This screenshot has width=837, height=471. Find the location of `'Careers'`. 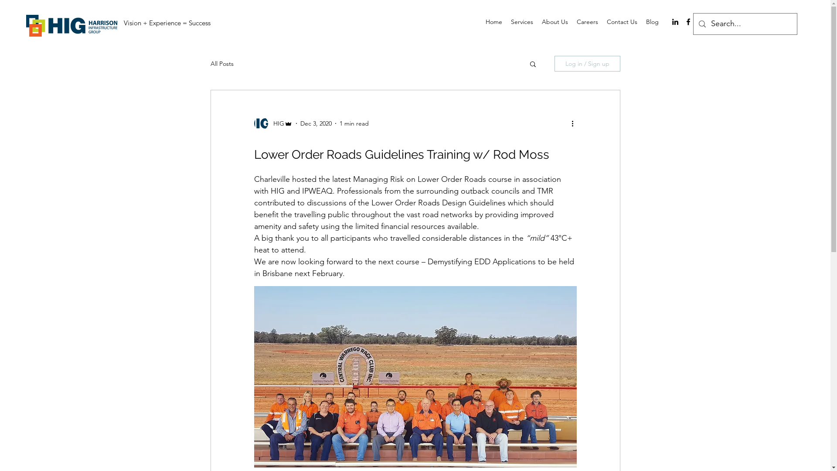

'Careers' is located at coordinates (587, 21).